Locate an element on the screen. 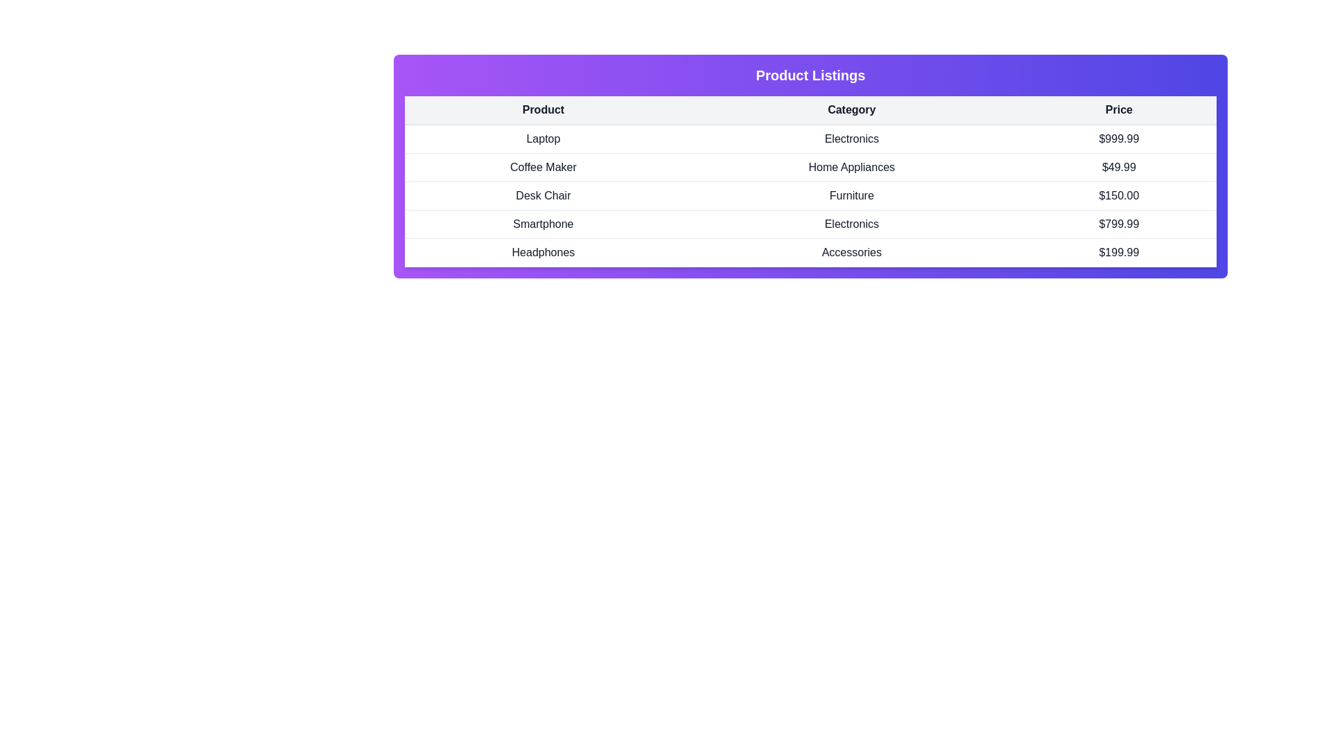 The width and height of the screenshot is (1331, 748). the 'Furniture' text label located is located at coordinates (851, 195).